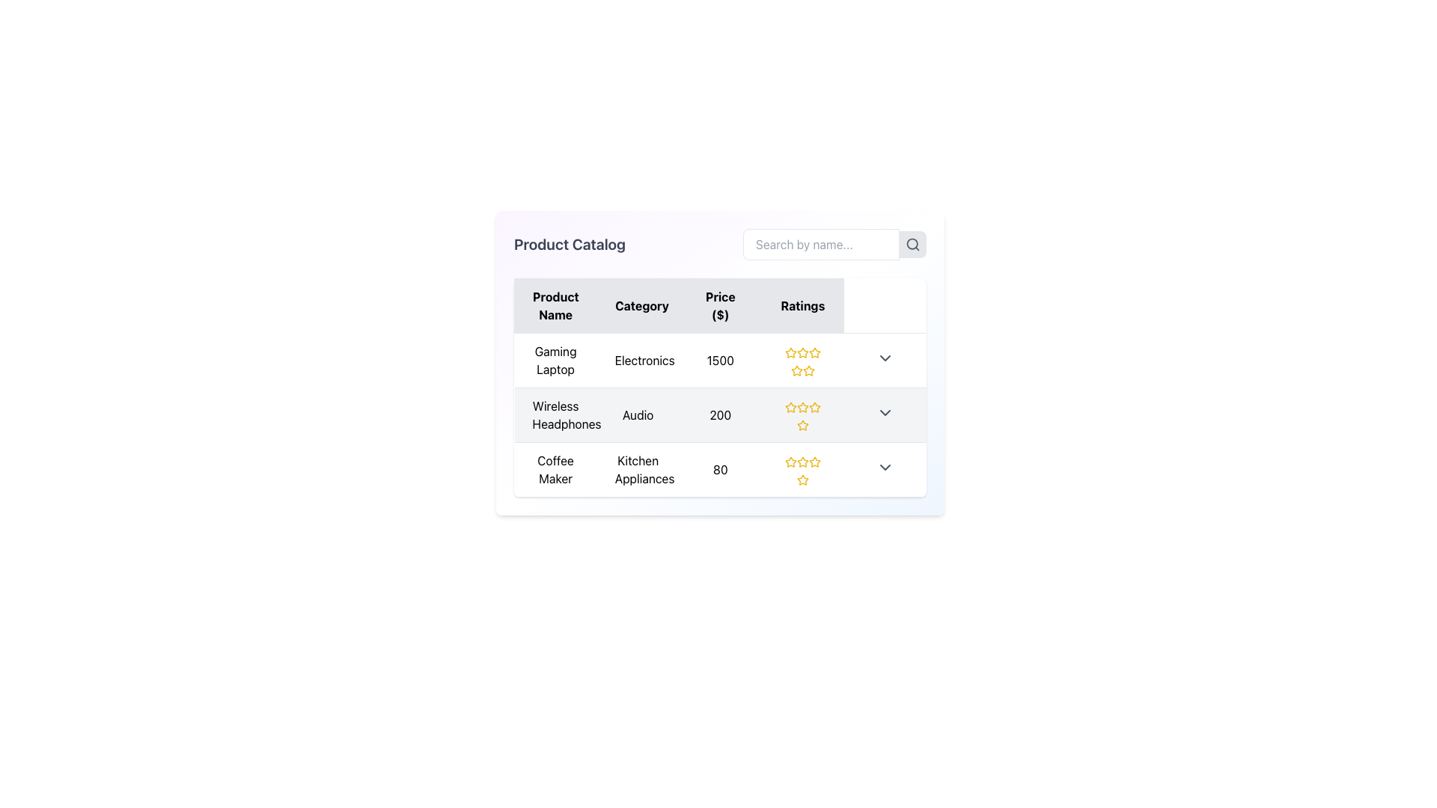 The width and height of the screenshot is (1437, 808). I want to click on the third star-shaped rating icon in the second row of the ratings column, which is filled with yellow, indicating a specific rating value, so click(802, 425).